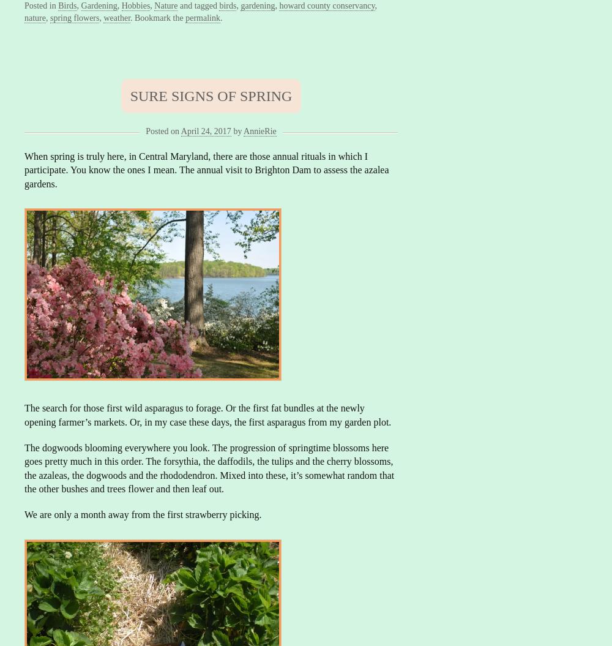 The image size is (612, 646). Describe the element at coordinates (258, 6) in the screenshot. I see `'gardening'` at that location.